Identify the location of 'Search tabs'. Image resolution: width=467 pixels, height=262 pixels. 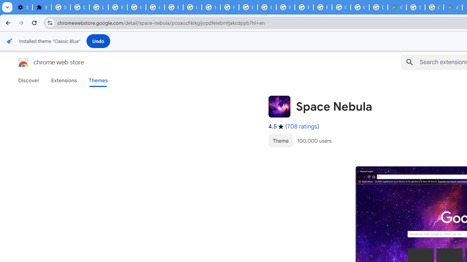
(7, 7).